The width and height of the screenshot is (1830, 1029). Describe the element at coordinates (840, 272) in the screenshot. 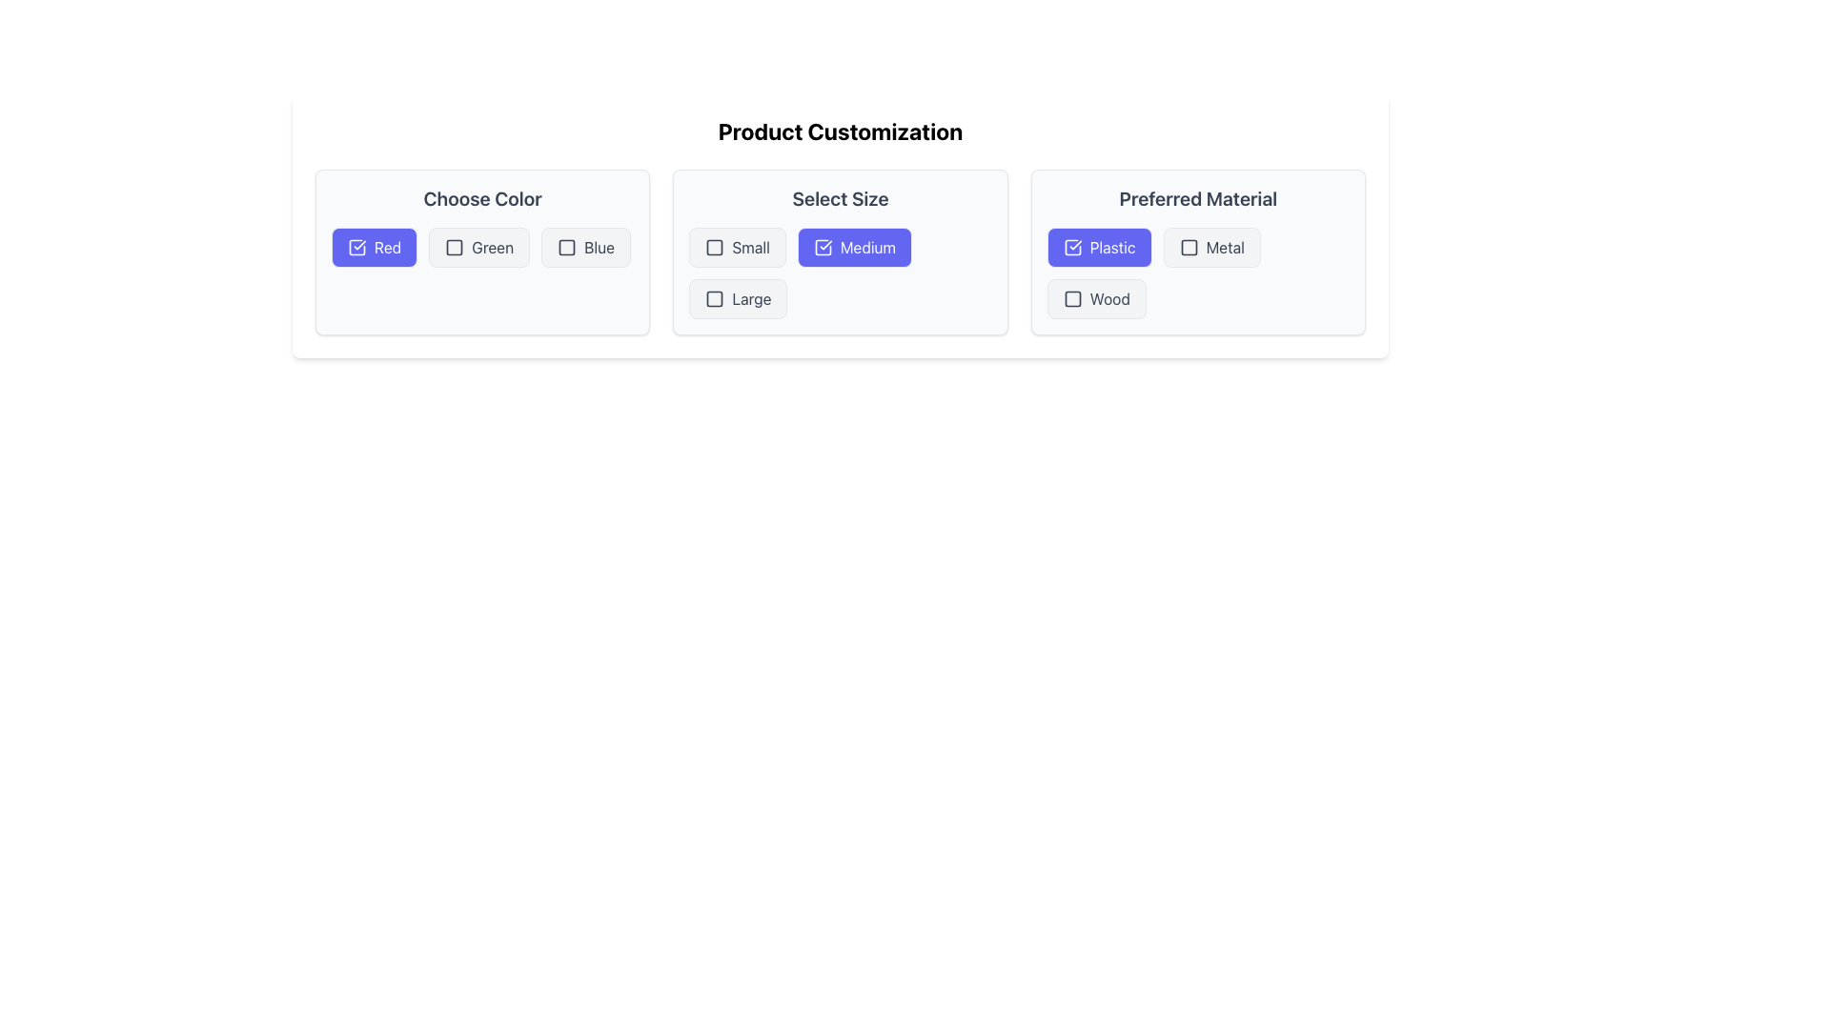

I see `the second size option in the 'Select Size' group` at that location.